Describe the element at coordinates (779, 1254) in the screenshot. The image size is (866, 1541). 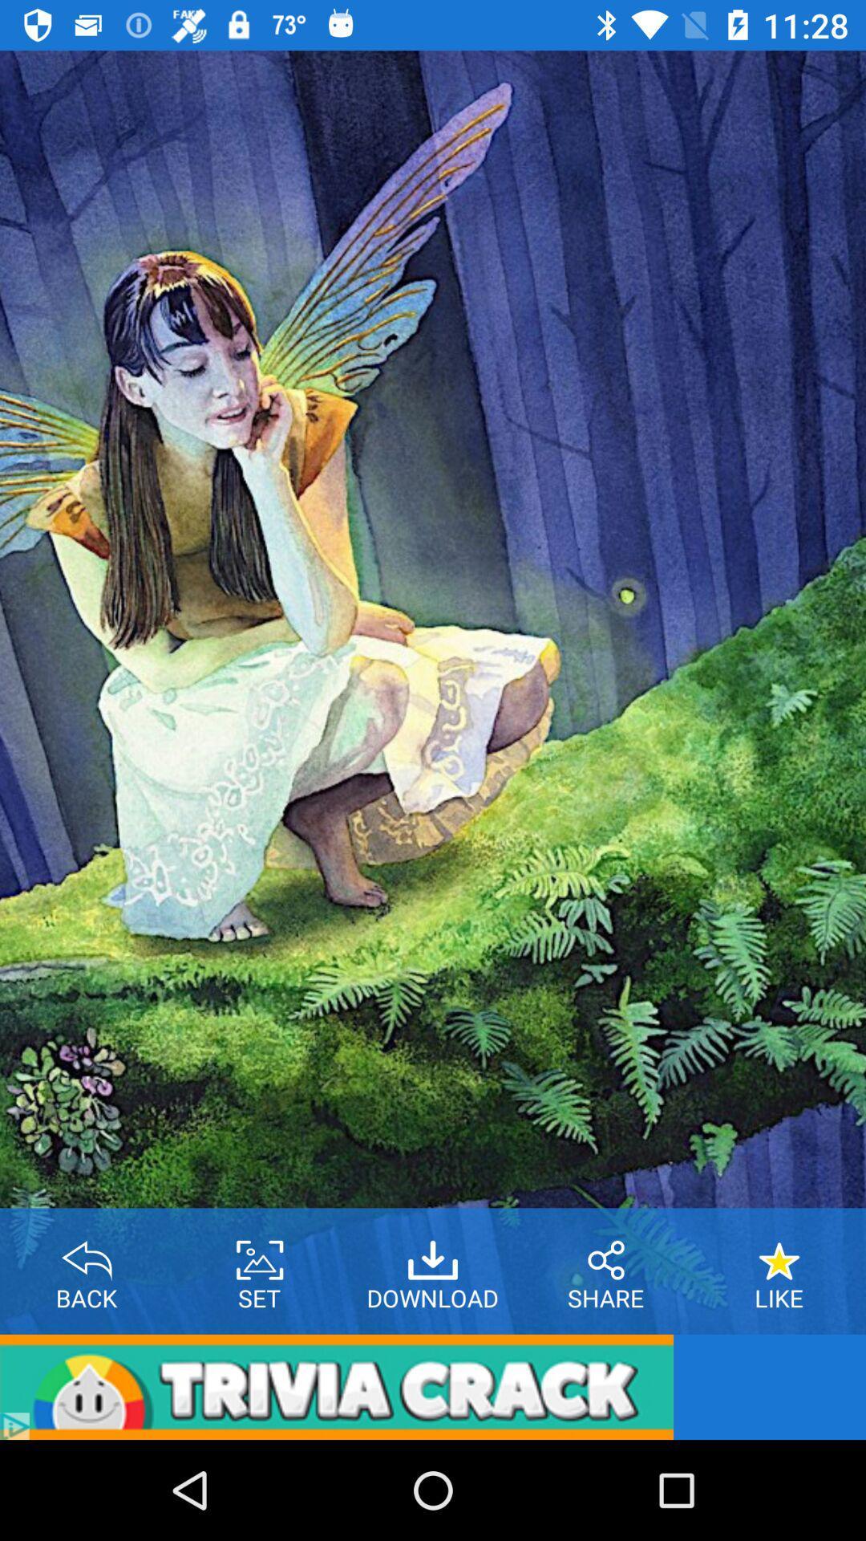
I see `like opinion` at that location.